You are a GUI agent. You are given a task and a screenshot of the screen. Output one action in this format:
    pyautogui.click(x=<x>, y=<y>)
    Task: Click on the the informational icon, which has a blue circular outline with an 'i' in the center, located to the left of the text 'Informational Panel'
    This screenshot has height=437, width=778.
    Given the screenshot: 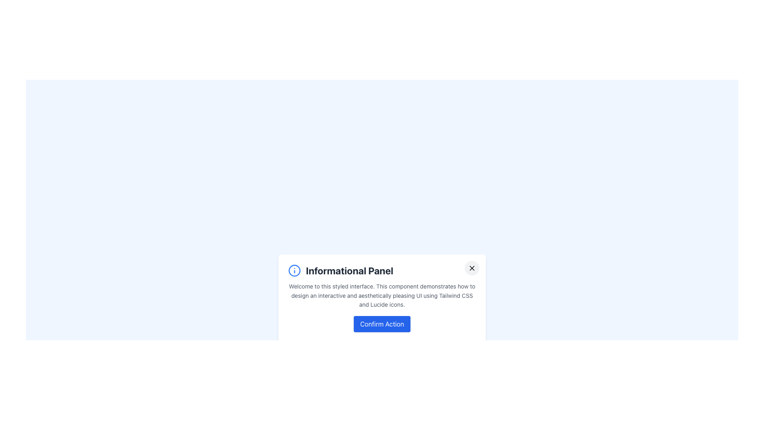 What is the action you would take?
    pyautogui.click(x=294, y=270)
    